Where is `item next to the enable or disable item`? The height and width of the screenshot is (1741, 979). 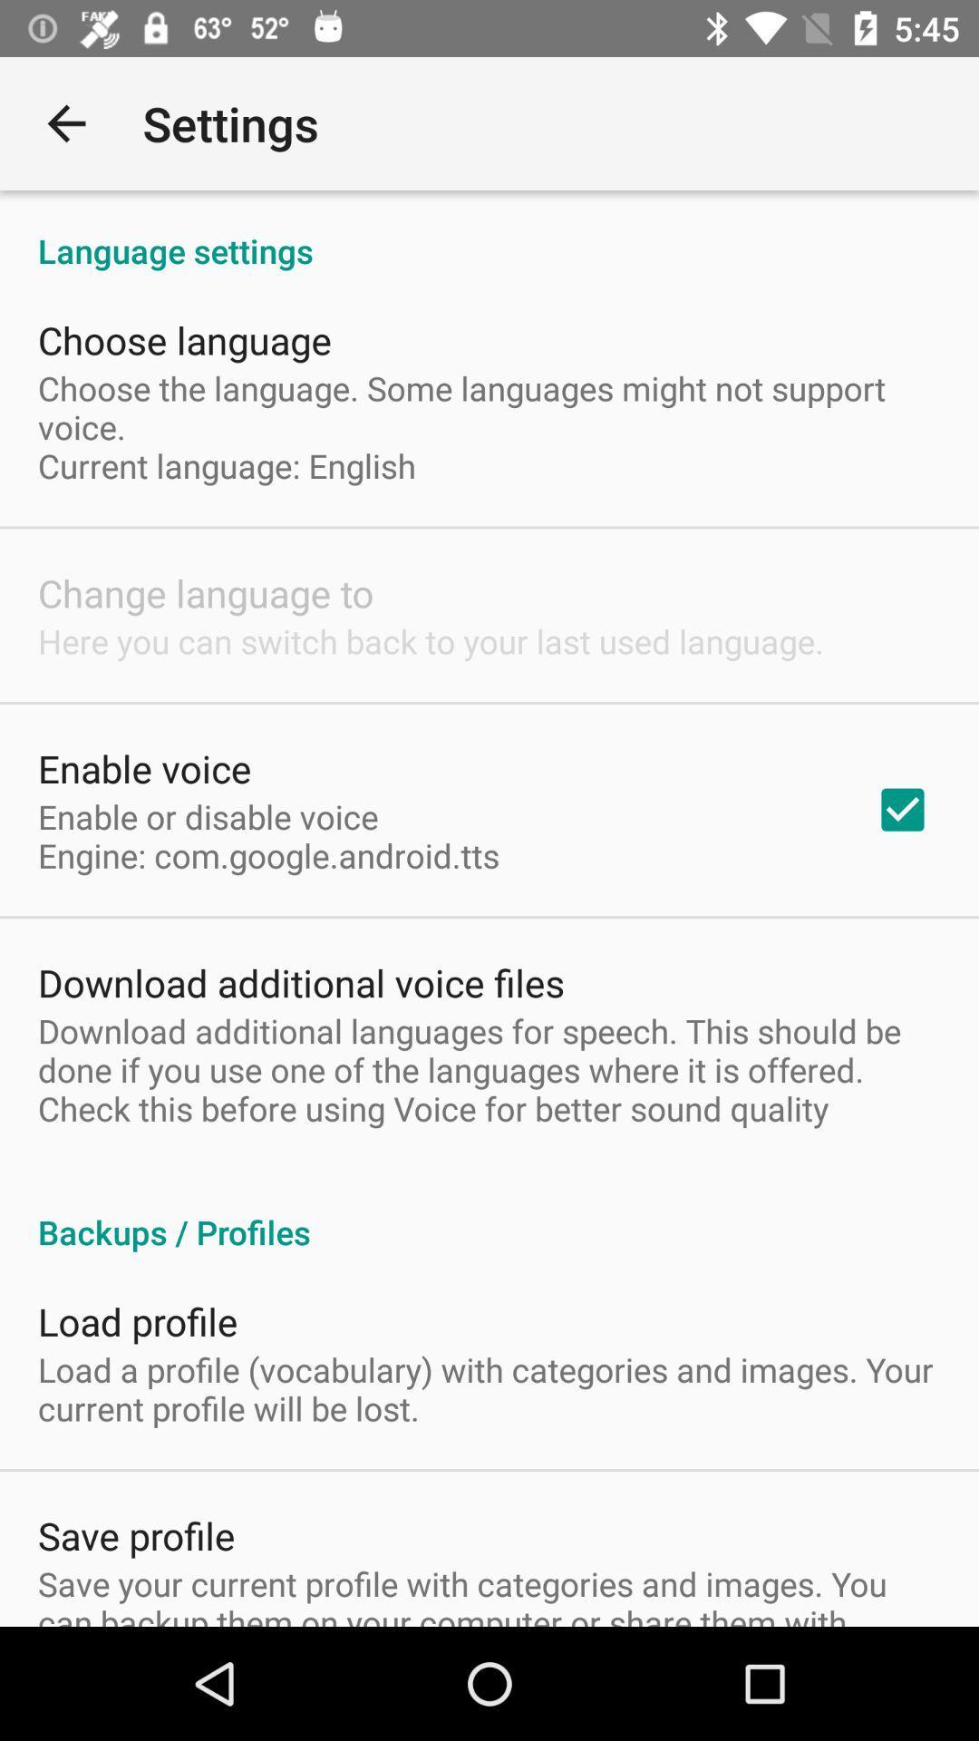
item next to the enable or disable item is located at coordinates (902, 809).